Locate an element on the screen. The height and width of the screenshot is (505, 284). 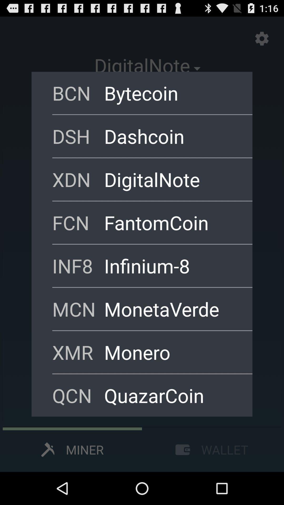
the xmr app is located at coordinates (78, 352).